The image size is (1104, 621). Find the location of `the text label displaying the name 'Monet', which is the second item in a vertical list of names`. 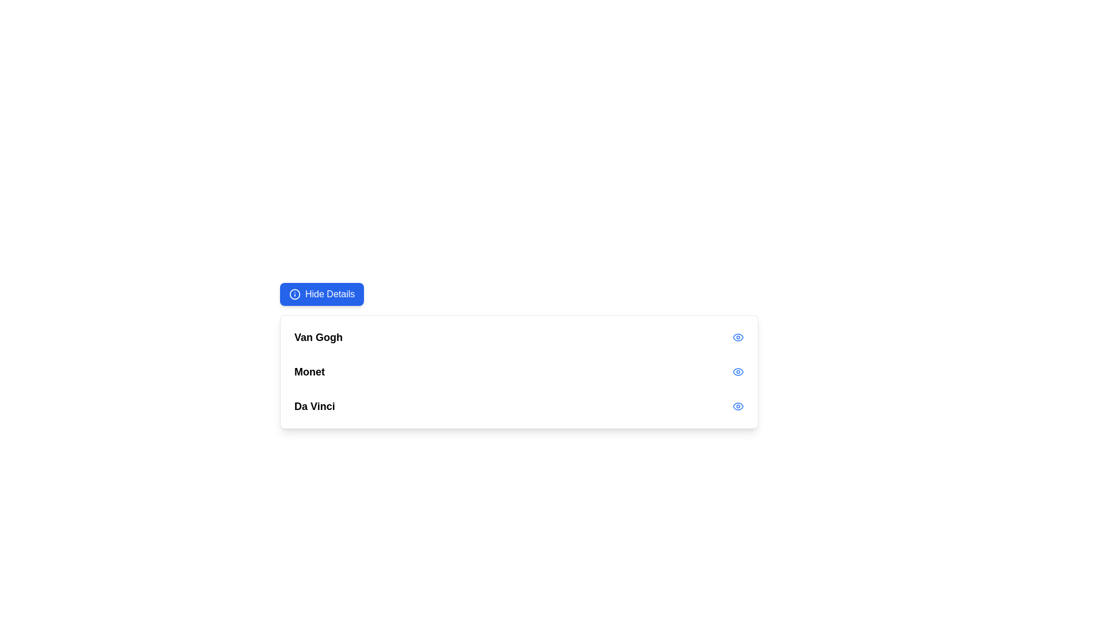

the text label displaying the name 'Monet', which is the second item in a vertical list of names is located at coordinates (309, 372).